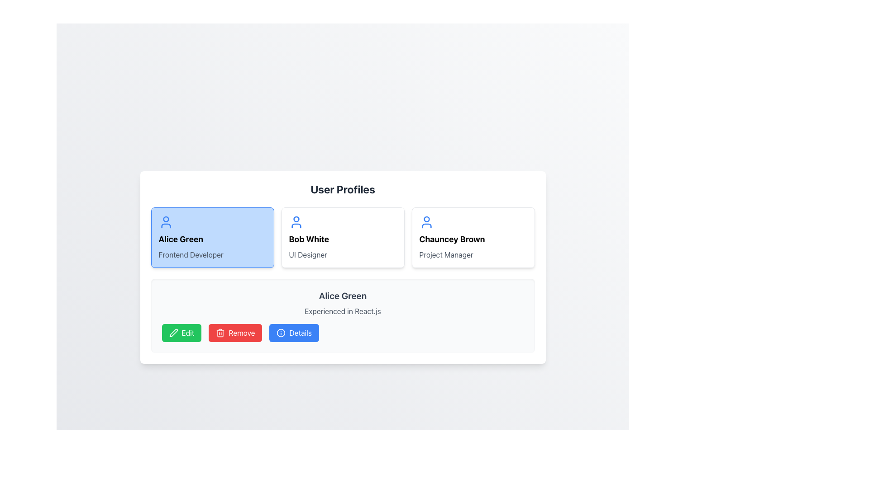 The height and width of the screenshot is (488, 869). What do you see at coordinates (342, 267) in the screenshot?
I see `the highlighted profile card for Bob White, the UI Designer, which is the second card in the user profiles section` at bounding box center [342, 267].